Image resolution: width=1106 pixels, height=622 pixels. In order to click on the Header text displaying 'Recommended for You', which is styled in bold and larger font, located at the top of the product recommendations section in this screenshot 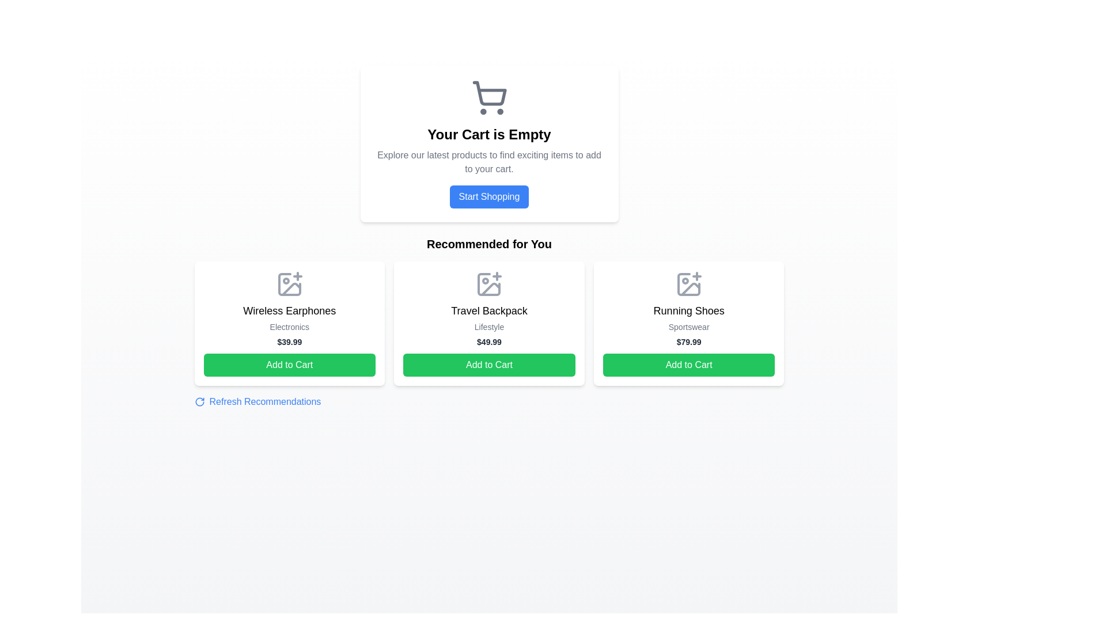, I will do `click(489, 244)`.